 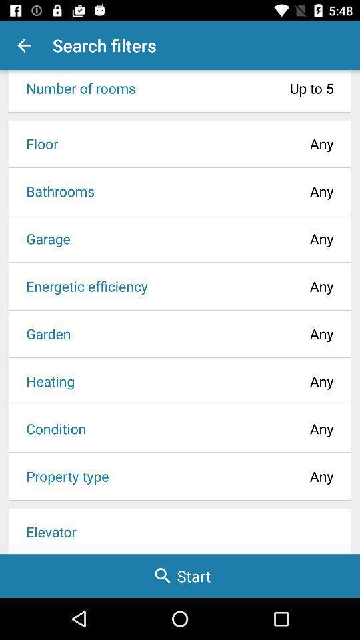 I want to click on garage, so click(x=43, y=239).